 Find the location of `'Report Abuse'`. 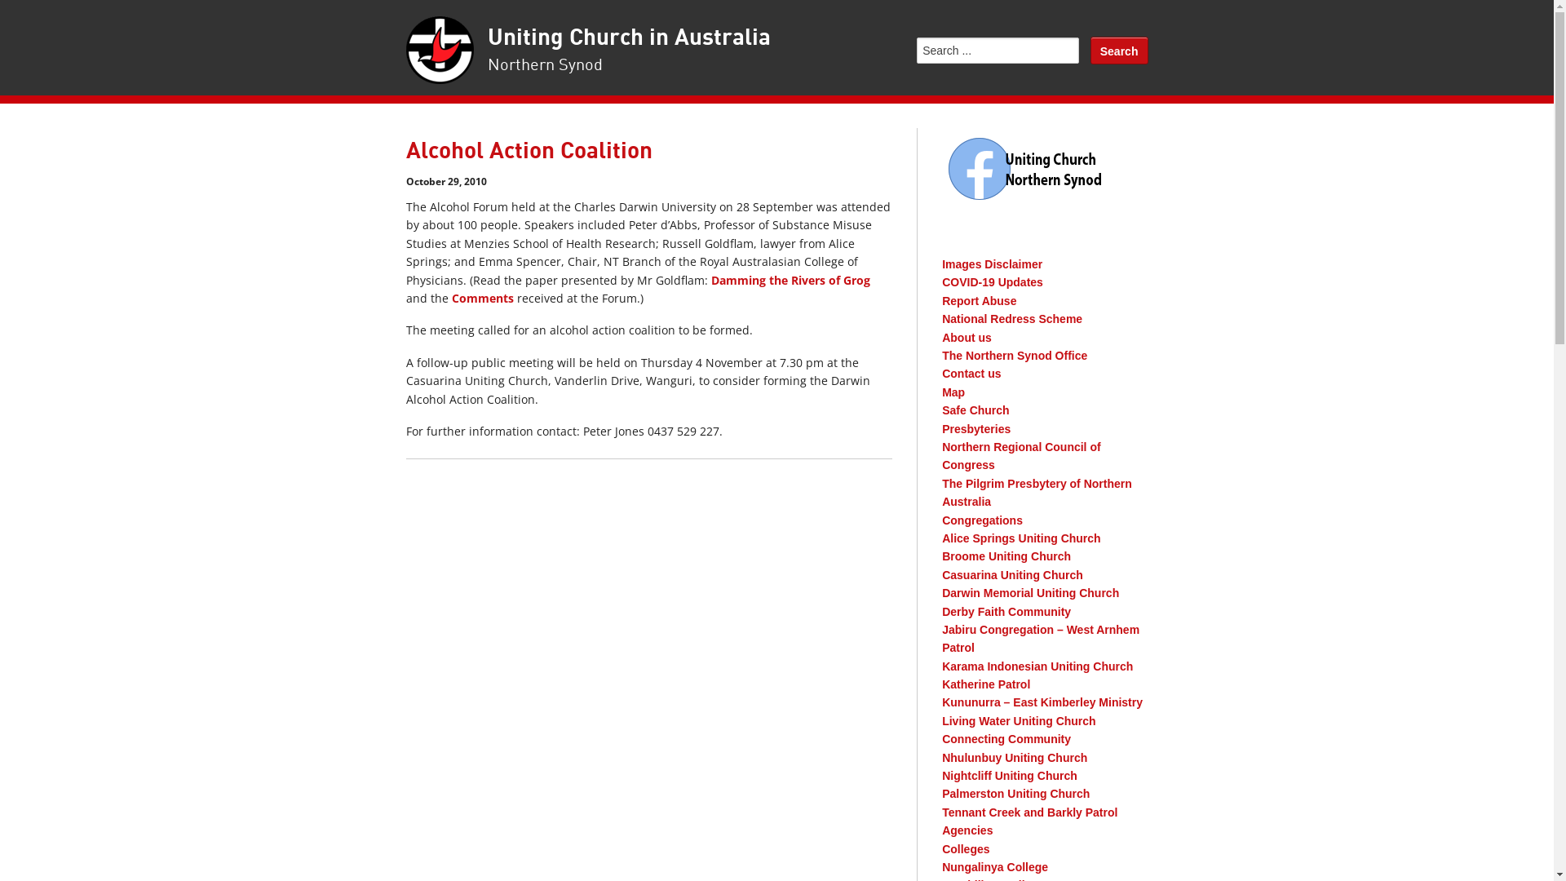

'Report Abuse' is located at coordinates (979, 301).